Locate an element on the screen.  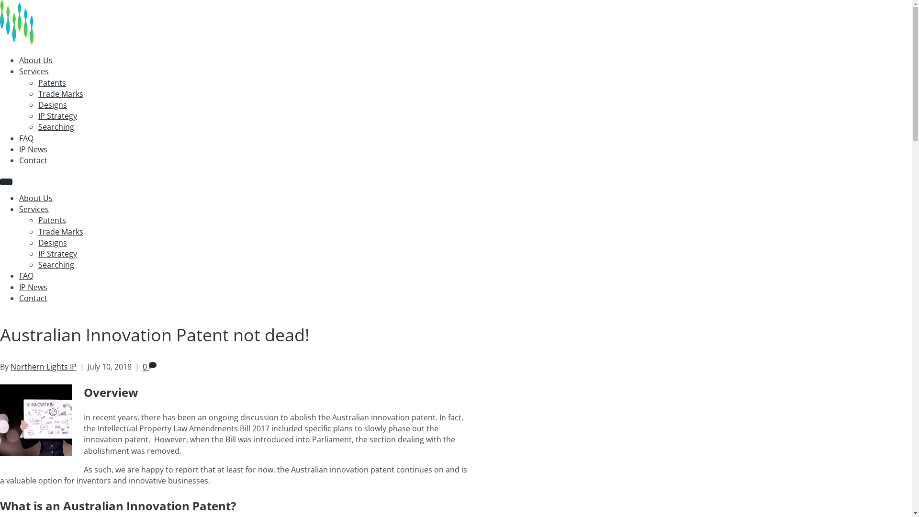
'Designs' is located at coordinates (52, 242).